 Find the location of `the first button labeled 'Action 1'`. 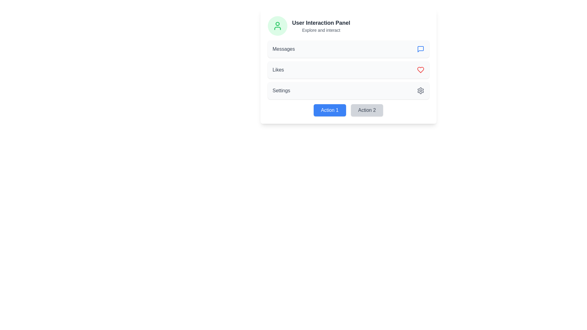

the first button labeled 'Action 1' is located at coordinates (329, 110).